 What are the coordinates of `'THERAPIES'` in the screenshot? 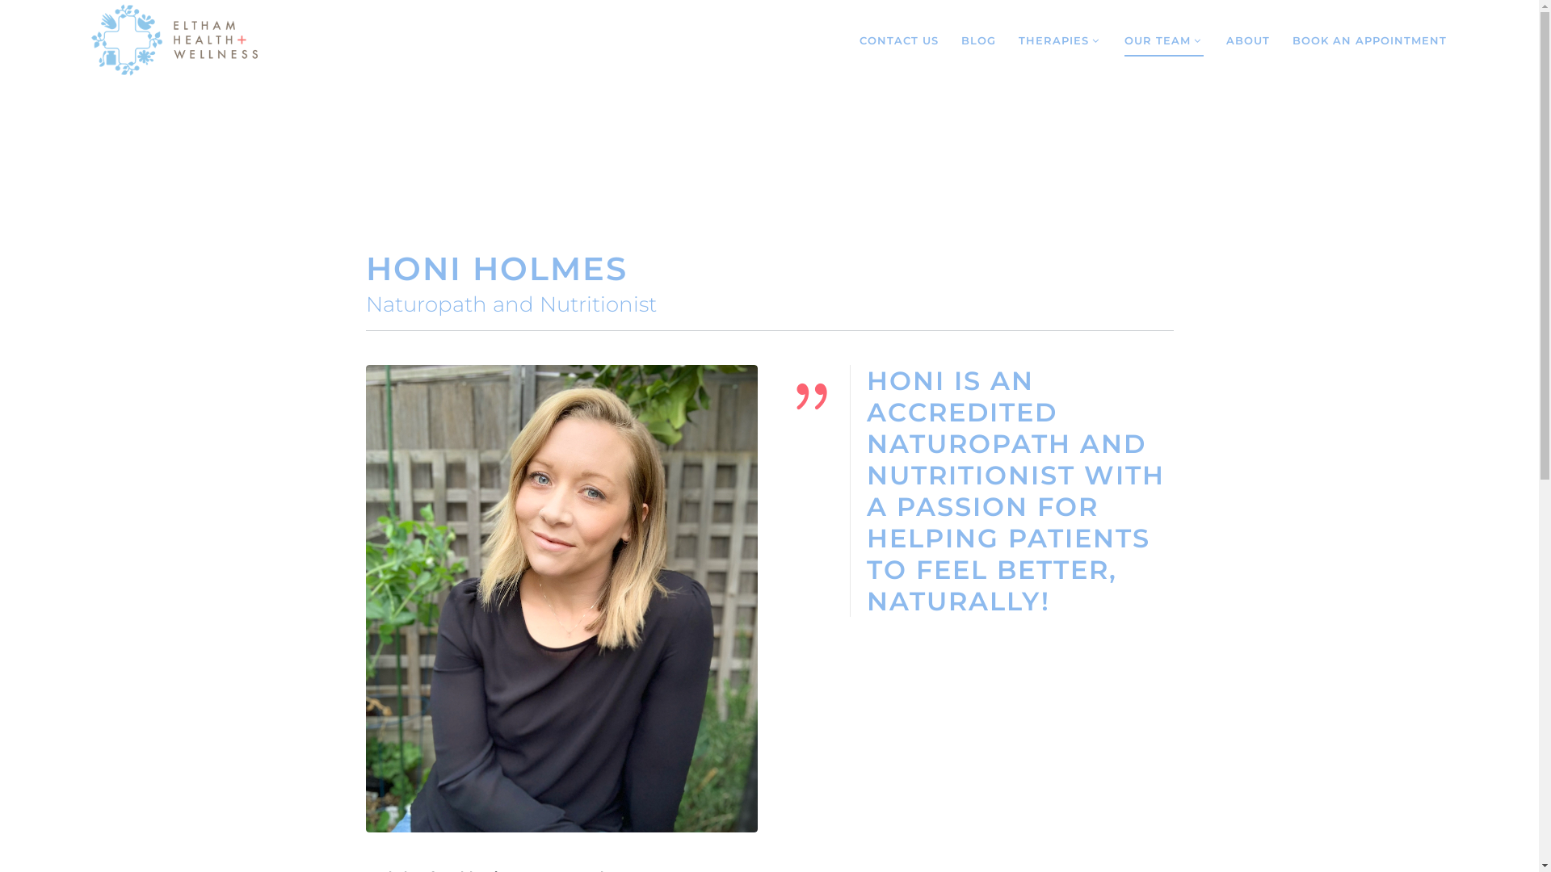 It's located at (1060, 40).